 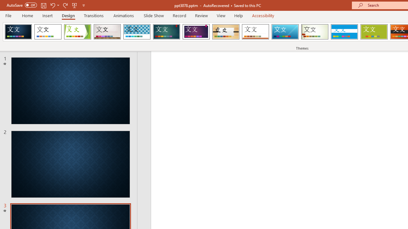 What do you see at coordinates (315, 32) in the screenshot?
I see `'Wisp'` at bounding box center [315, 32].